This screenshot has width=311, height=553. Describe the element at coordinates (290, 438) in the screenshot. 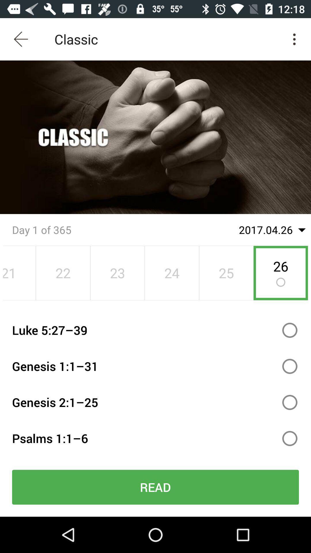

I see `radio button` at that location.